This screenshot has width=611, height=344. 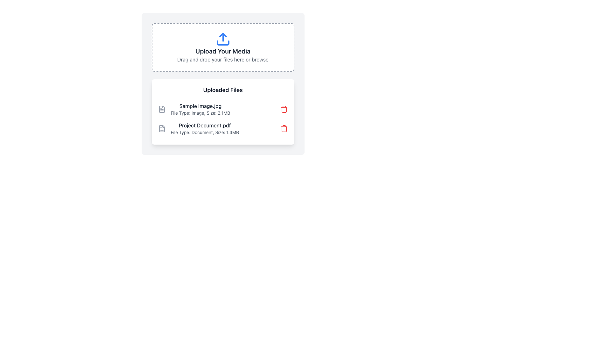 What do you see at coordinates (223, 43) in the screenshot?
I see `the decorative graphic element of the upload icon located at the top center of the 'Upload Your Media' section, which serves as the foundation of the upload symbol` at bounding box center [223, 43].